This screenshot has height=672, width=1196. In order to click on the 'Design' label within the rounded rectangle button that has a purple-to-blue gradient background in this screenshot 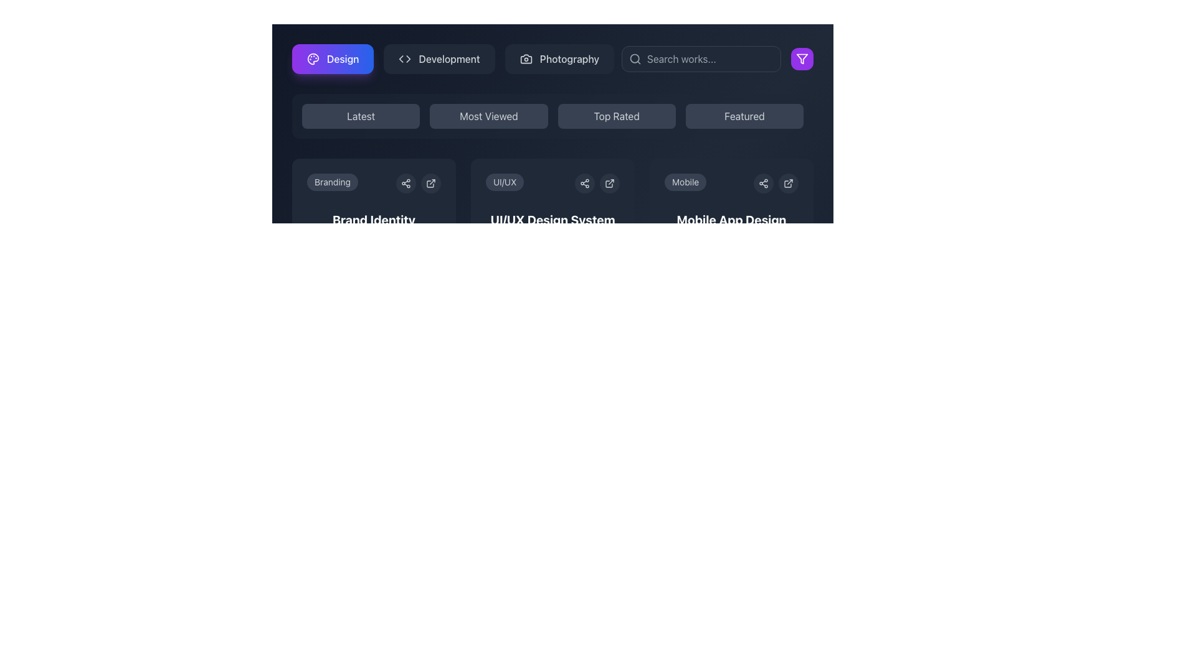, I will do `click(343, 59)`.